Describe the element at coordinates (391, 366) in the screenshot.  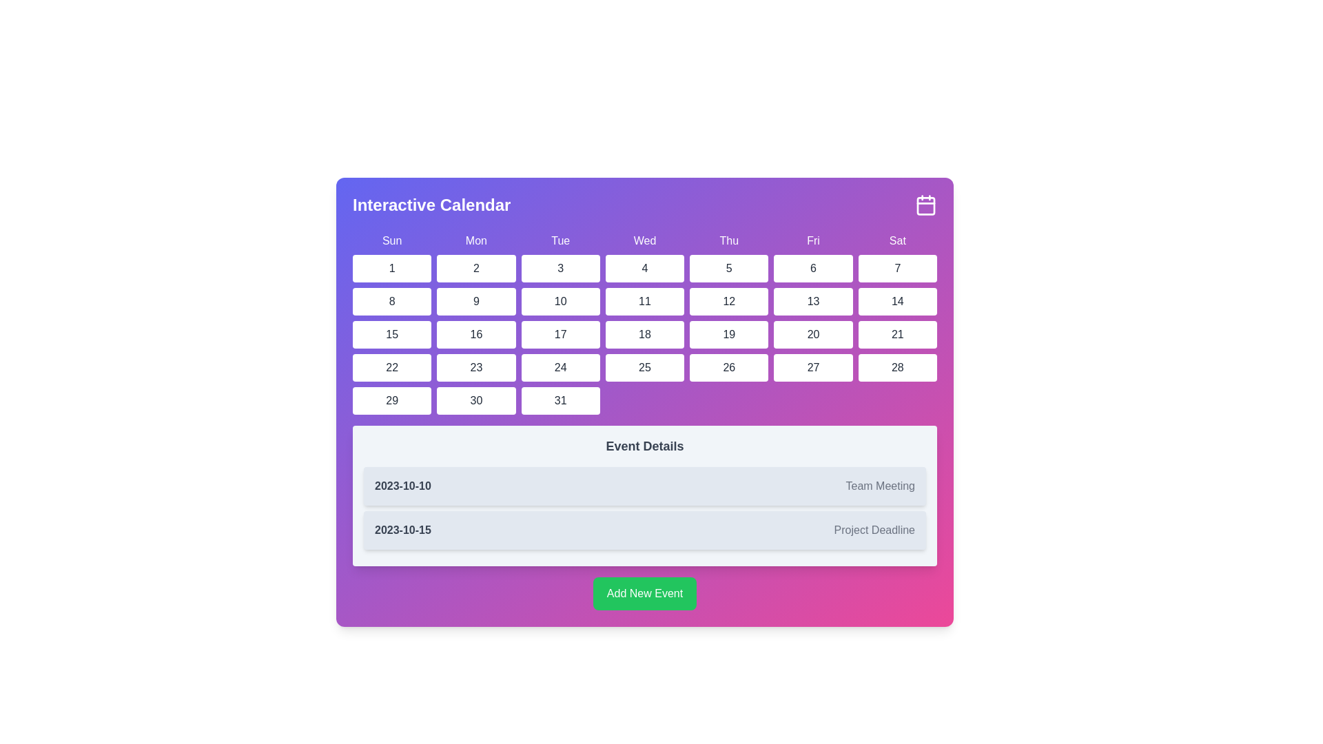
I see `the button displaying the number '22' in the calendar layout` at that location.